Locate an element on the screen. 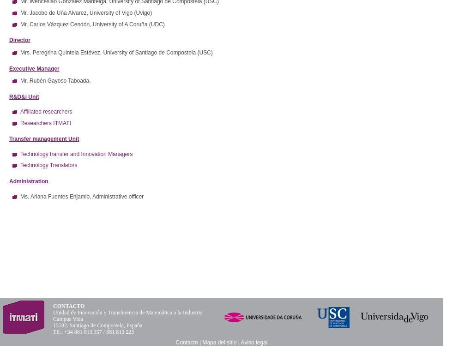 The image size is (471, 361). 'Technology Translators' is located at coordinates (48, 164).